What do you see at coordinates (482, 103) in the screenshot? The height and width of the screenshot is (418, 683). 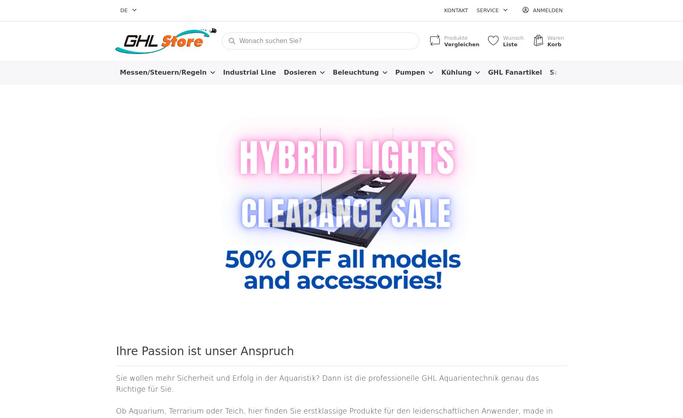 I see `'Allgemeine Geschäftsbedingungen'` at bounding box center [482, 103].